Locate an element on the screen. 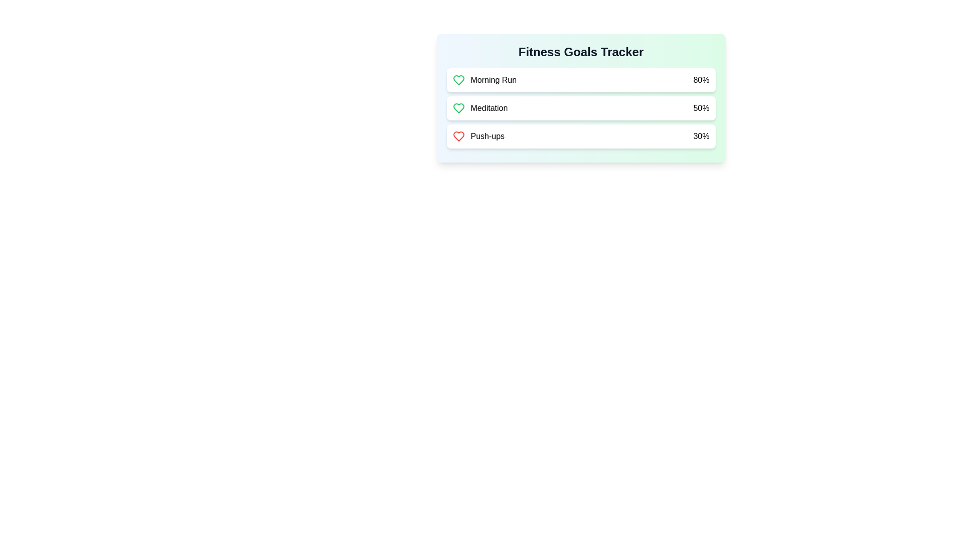  the completion percentage '80%' of the task labeled 'Morning Run' in the 'Fitness Goals Tracker' to modify or view completion details is located at coordinates (581, 79).